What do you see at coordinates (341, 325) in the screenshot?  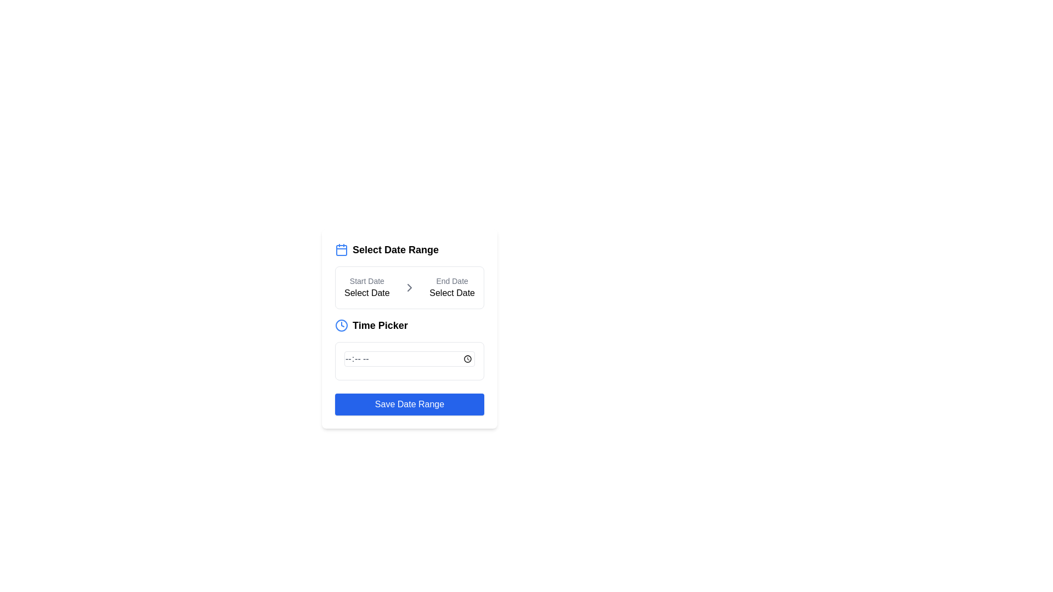 I see `the blue outlined circular SVG graphic within the clock icon, which is located before the 'Time Picker' label` at bounding box center [341, 325].